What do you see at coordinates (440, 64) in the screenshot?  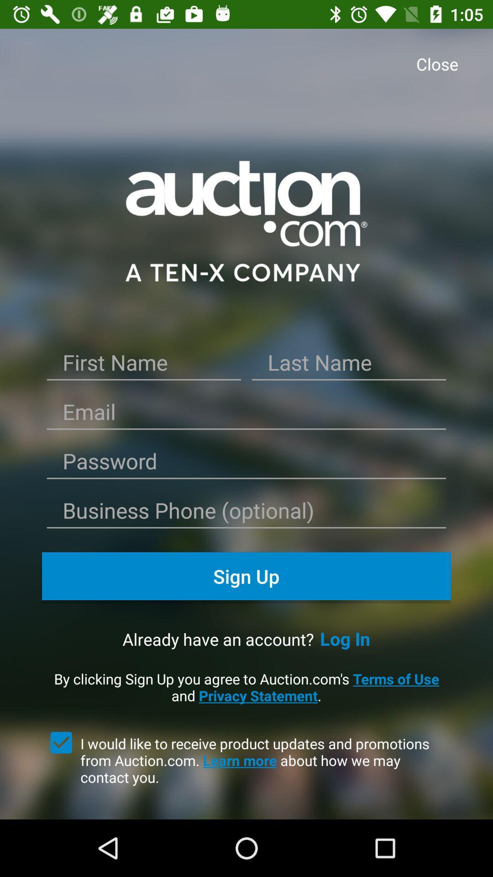 I see `close icon` at bounding box center [440, 64].